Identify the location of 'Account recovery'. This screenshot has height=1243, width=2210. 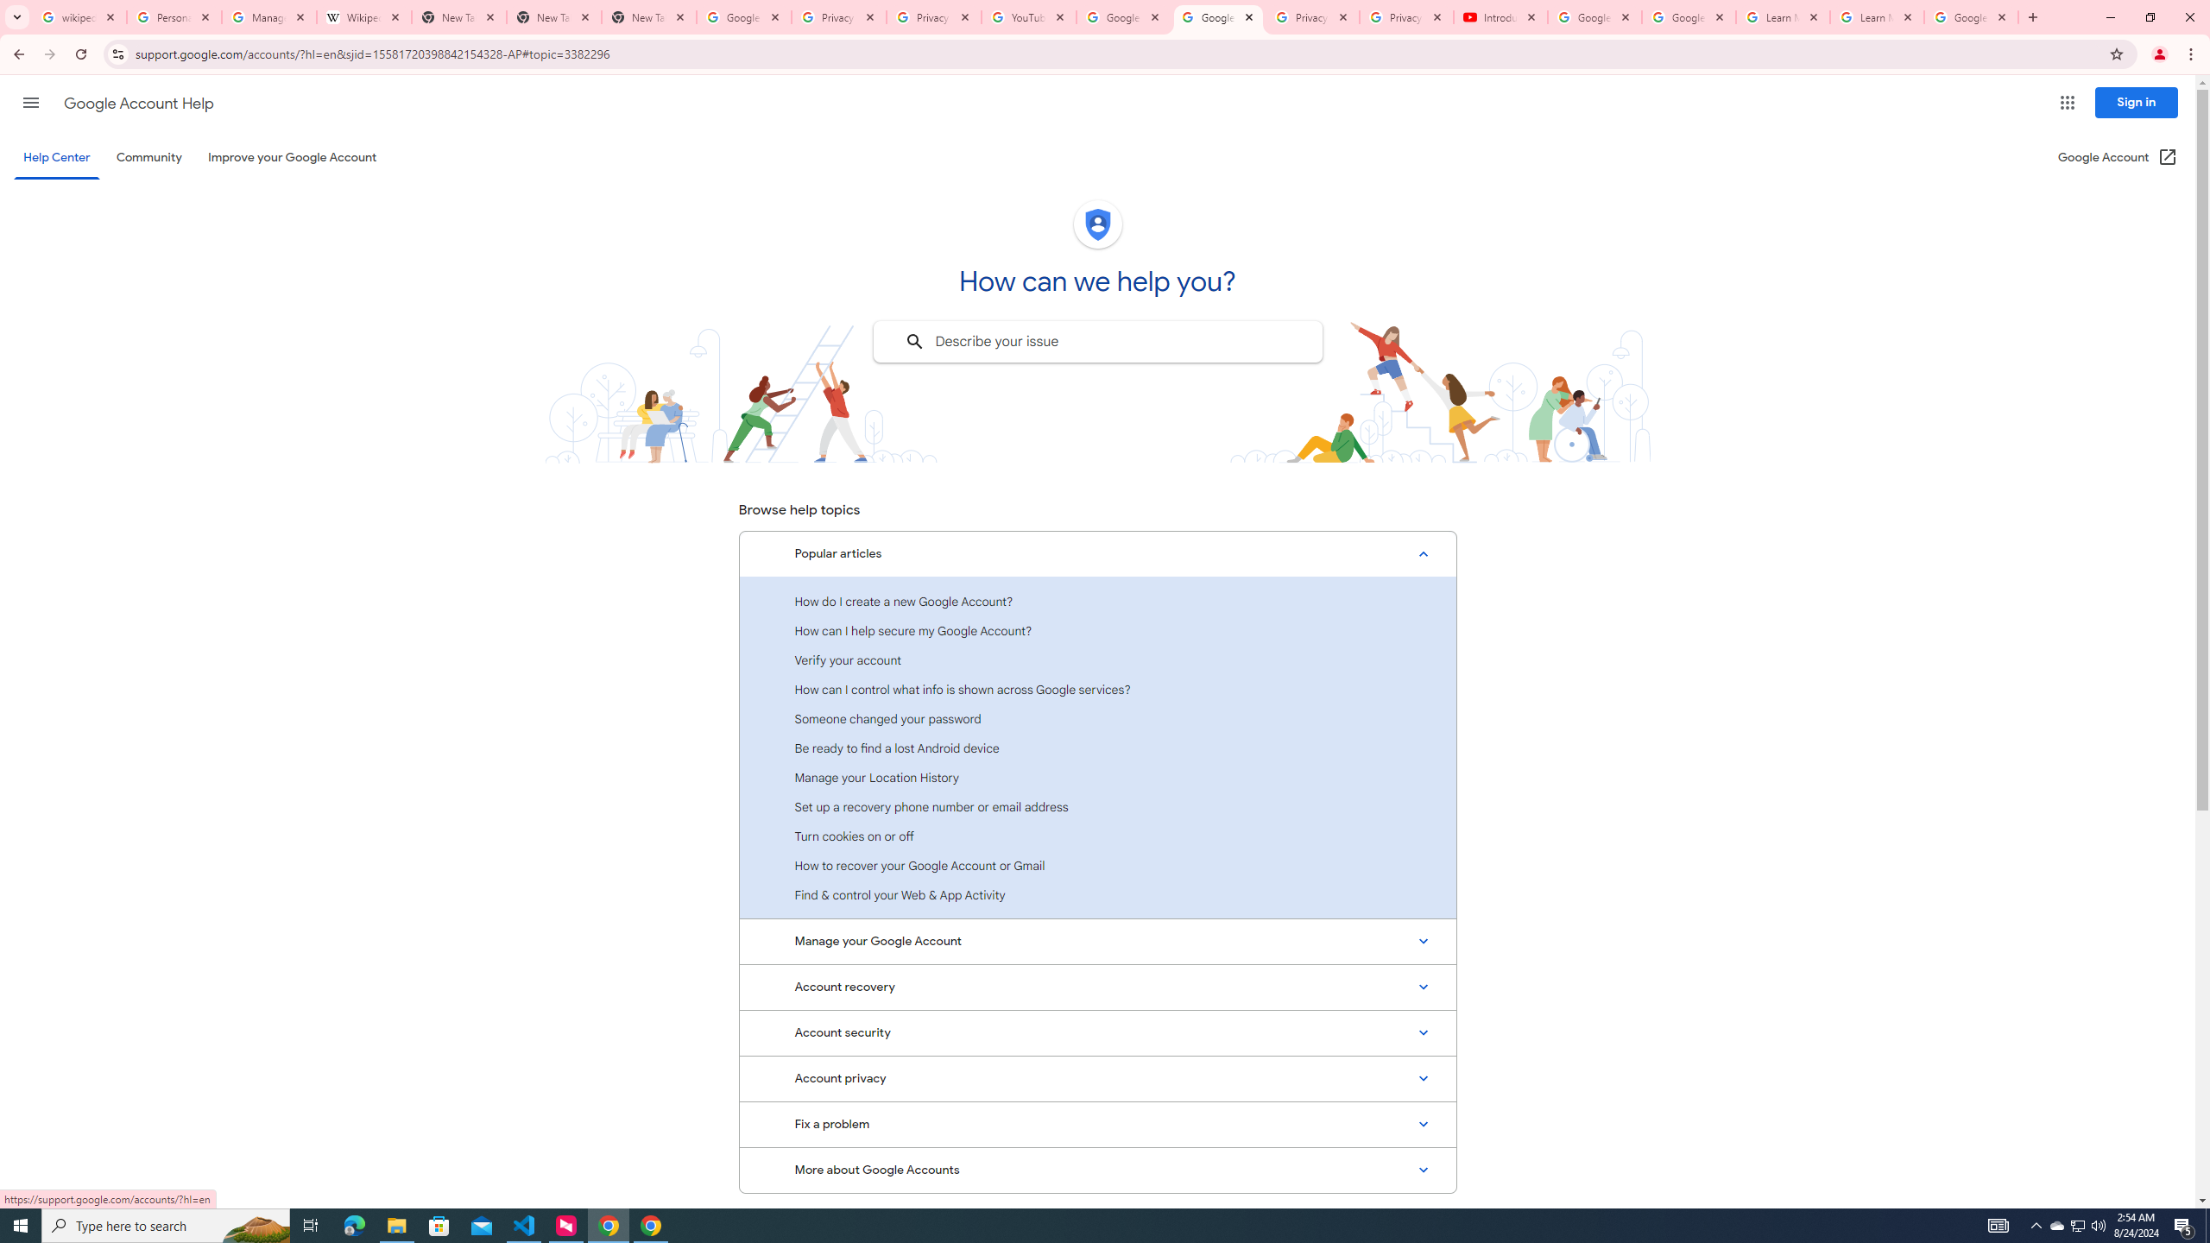
(1097, 986).